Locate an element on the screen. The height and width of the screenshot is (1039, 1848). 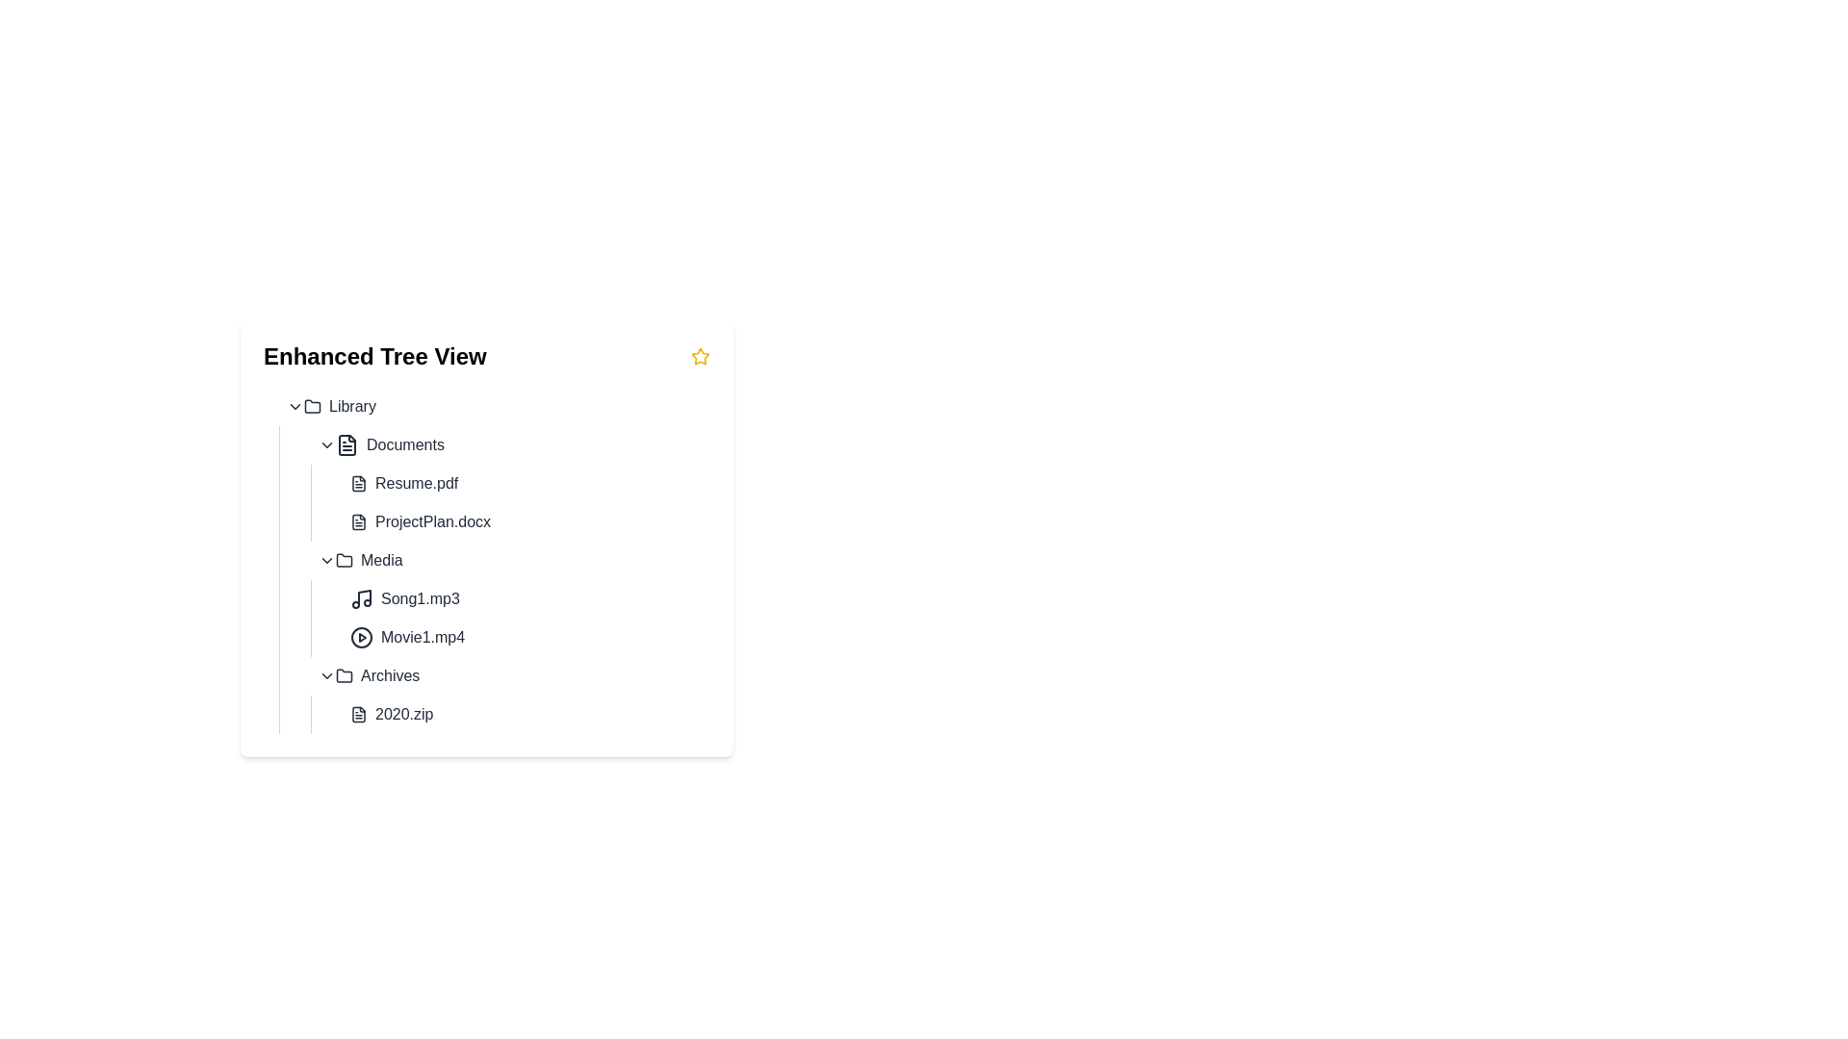
the 'Media' label in the collapsible tree structure is located at coordinates (381, 560).